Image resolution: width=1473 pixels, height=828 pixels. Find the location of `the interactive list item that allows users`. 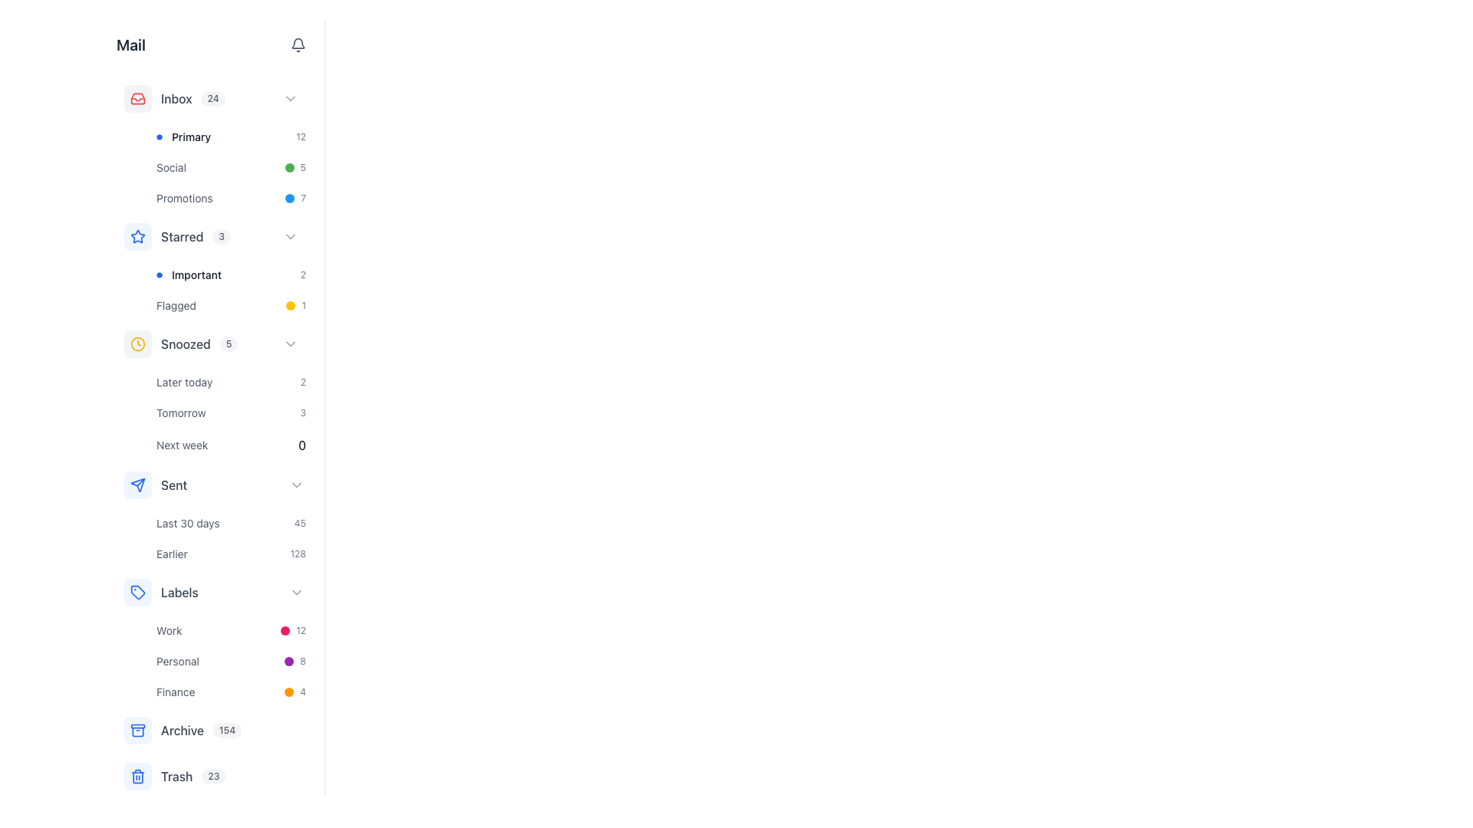

the interactive list item that allows users is located at coordinates (183, 729).